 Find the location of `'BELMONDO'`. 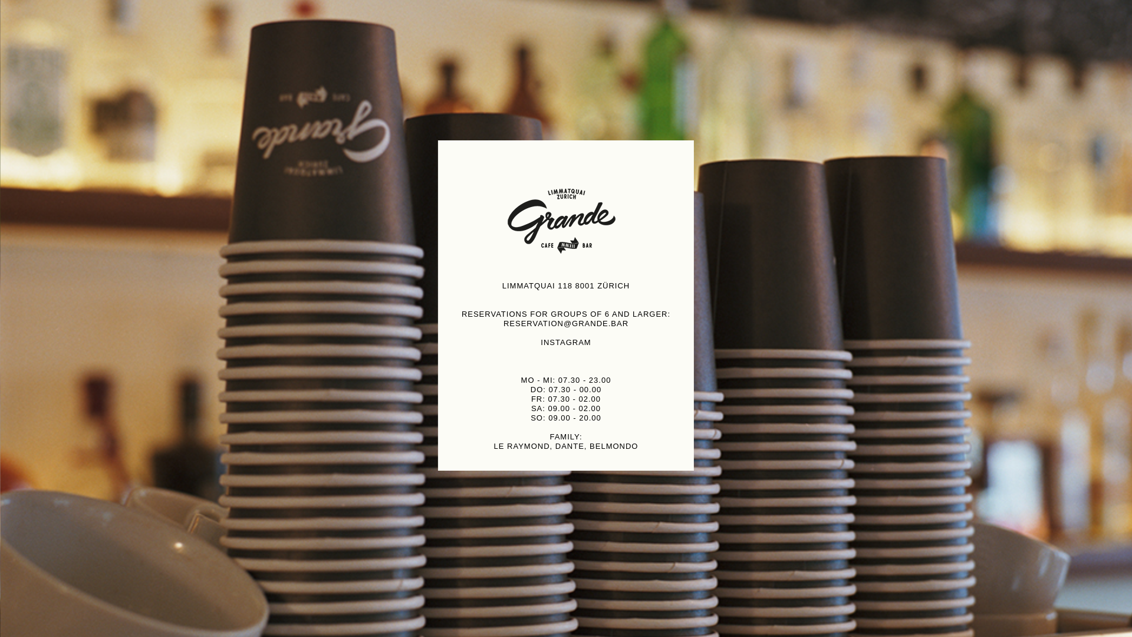

'BELMONDO' is located at coordinates (613, 446).